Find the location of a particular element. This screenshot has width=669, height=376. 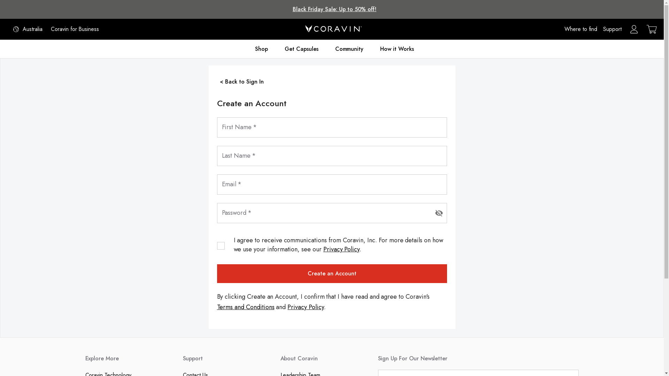

'Support' is located at coordinates (612, 29).